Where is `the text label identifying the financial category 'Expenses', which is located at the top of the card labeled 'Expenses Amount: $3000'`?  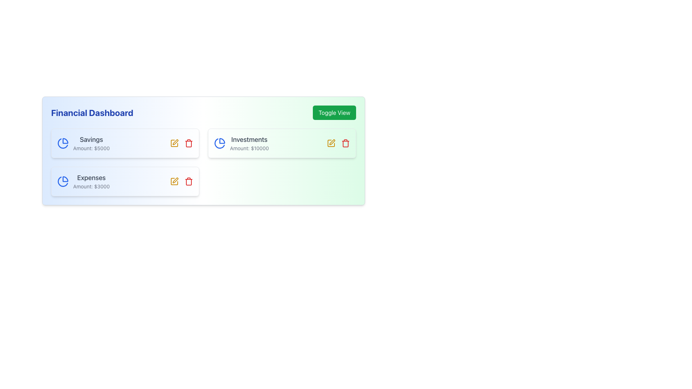 the text label identifying the financial category 'Expenses', which is located at the top of the card labeled 'Expenses Amount: $3000' is located at coordinates (91, 178).